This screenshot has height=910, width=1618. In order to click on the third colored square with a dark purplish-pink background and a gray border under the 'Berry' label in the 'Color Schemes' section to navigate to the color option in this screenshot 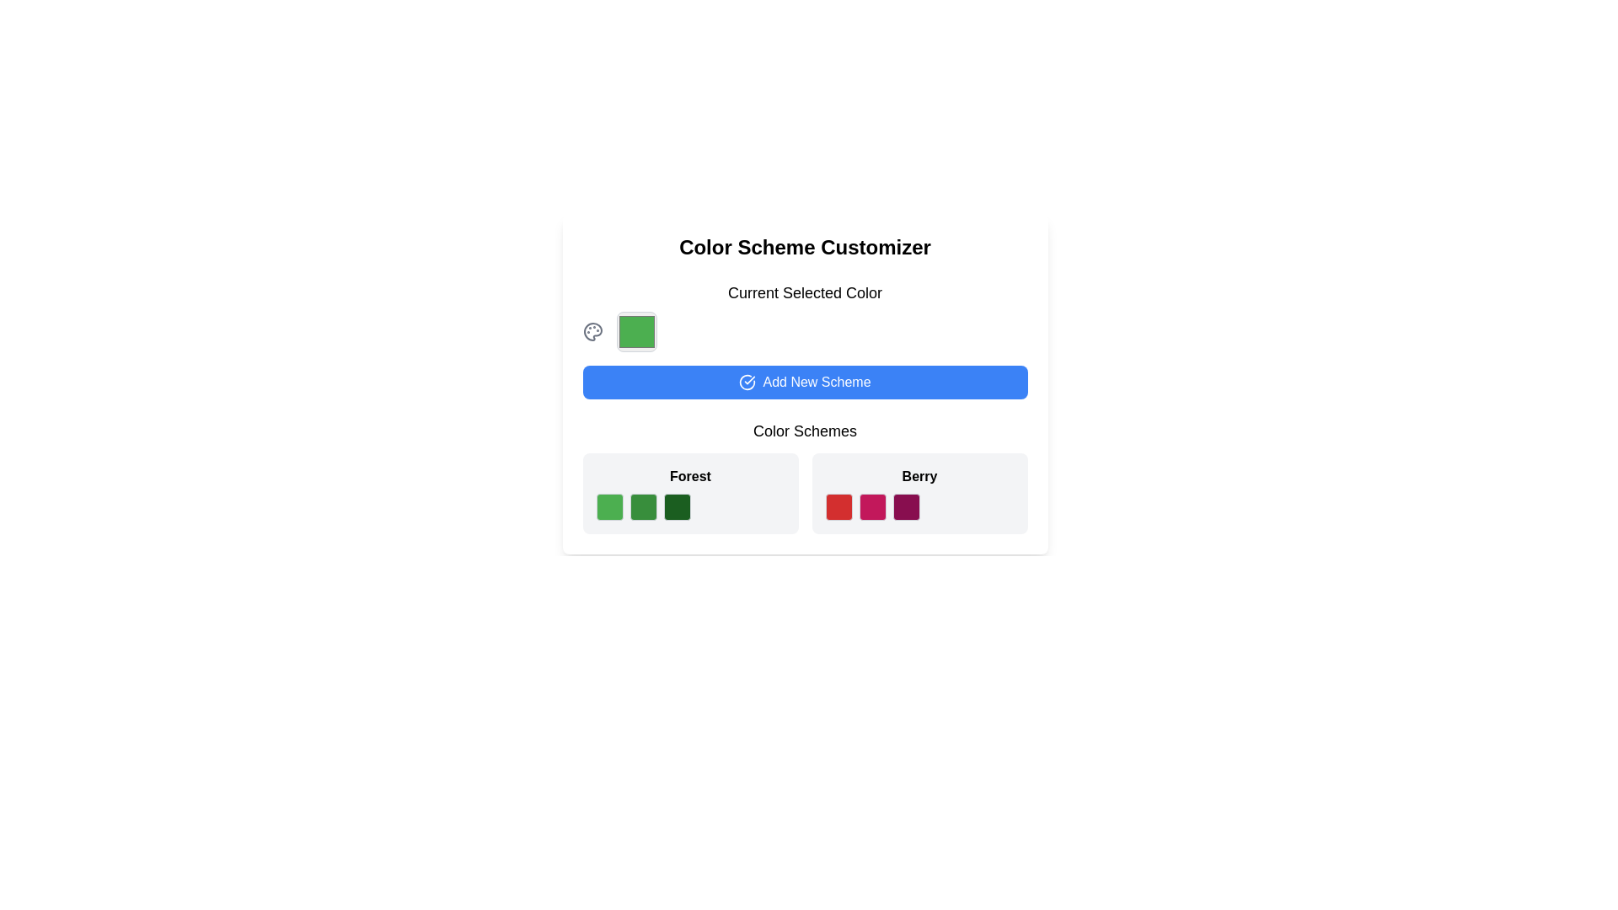, I will do `click(905, 506)`.